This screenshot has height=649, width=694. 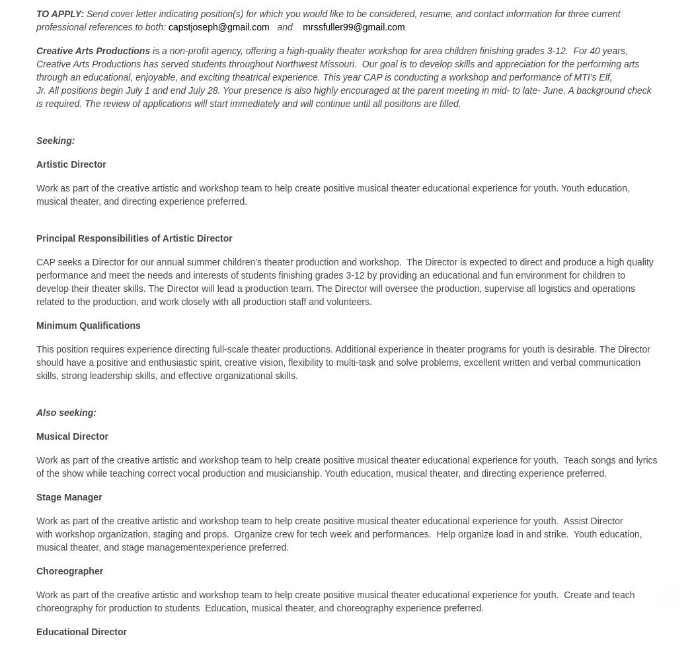 What do you see at coordinates (346, 465) in the screenshot?
I see `'Work as part of the creative artistic and workshop team to help create positive musical theater educational experience for youth.  Teach songs and lyrics of the show while teaching correct vocal production and musicianship. Youth education, musical theater, and directing experience preferred.'` at bounding box center [346, 465].